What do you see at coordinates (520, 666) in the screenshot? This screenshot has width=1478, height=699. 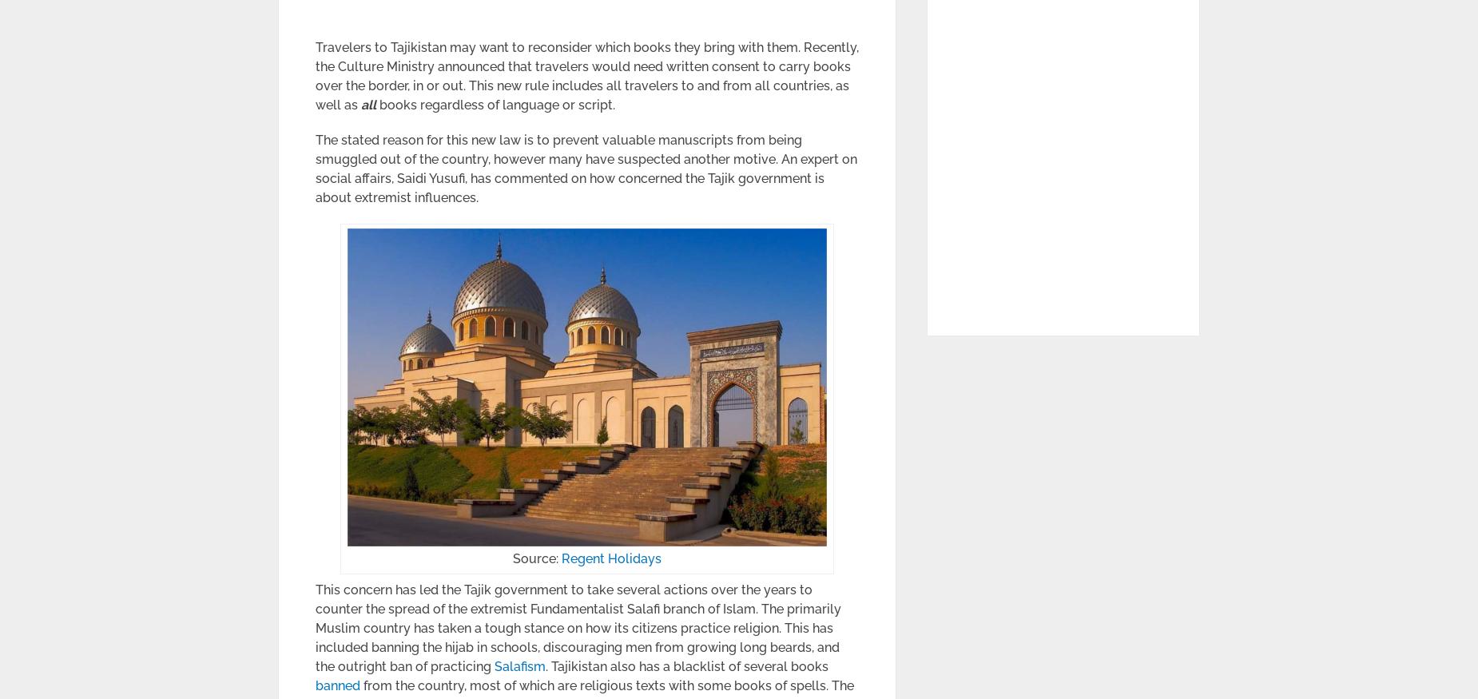 I see `'Salafism'` at bounding box center [520, 666].